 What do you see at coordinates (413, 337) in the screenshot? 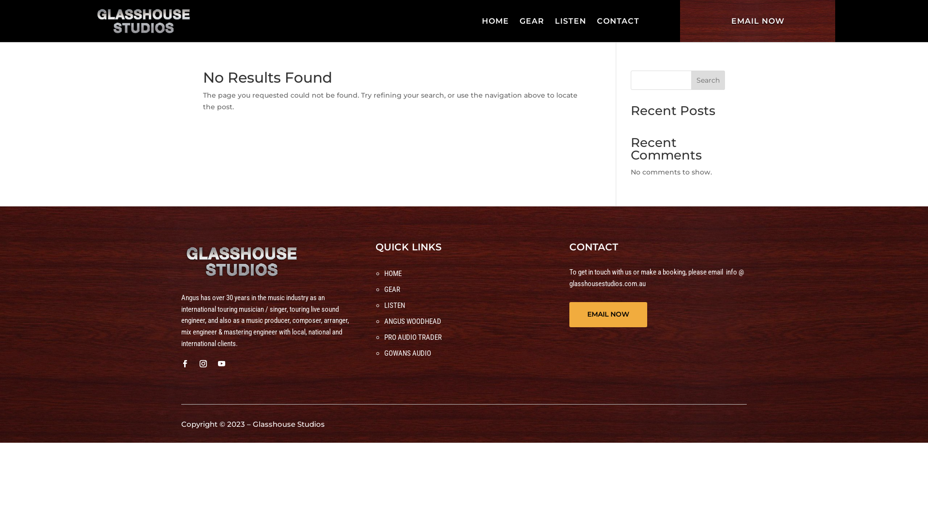
I see `'PRO AUDIO TRADER'` at bounding box center [413, 337].